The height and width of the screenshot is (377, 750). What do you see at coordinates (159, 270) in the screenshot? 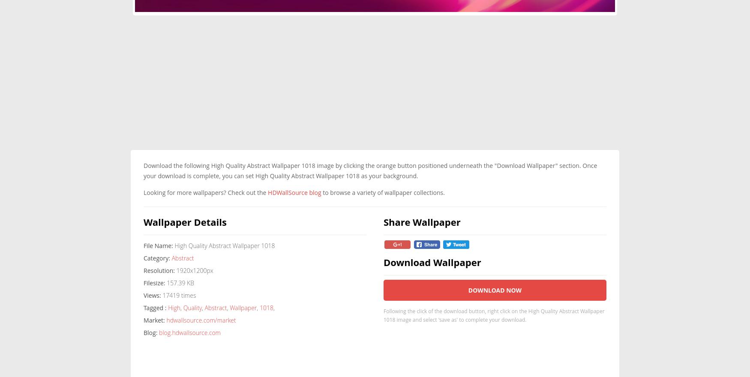
I see `'Resolution:'` at bounding box center [159, 270].